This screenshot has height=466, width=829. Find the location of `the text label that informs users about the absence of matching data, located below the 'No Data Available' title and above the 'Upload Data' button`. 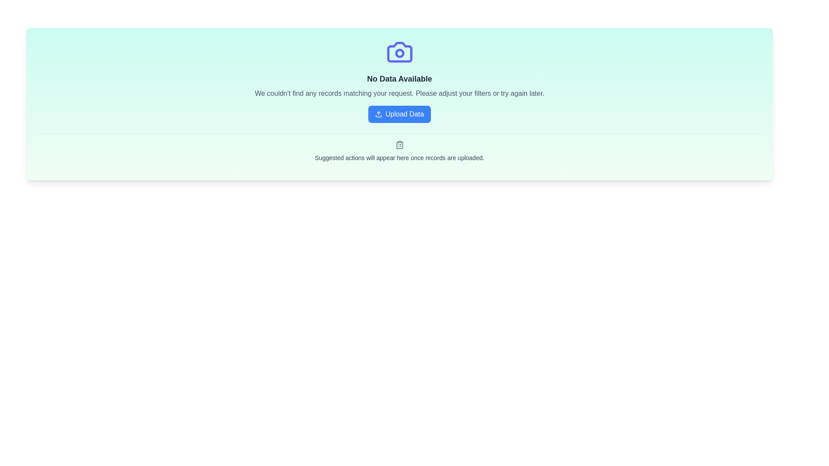

the text label that informs users about the absence of matching data, located below the 'No Data Available' title and above the 'Upload Data' button is located at coordinates (399, 93).